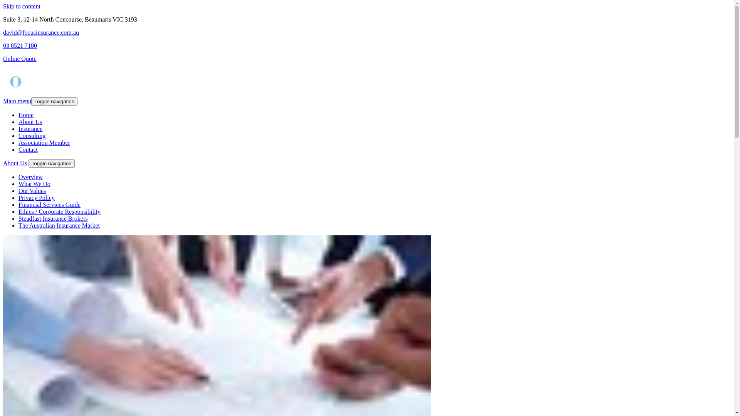 The width and height of the screenshot is (740, 416). Describe the element at coordinates (15, 163) in the screenshot. I see `'About Us'` at that location.